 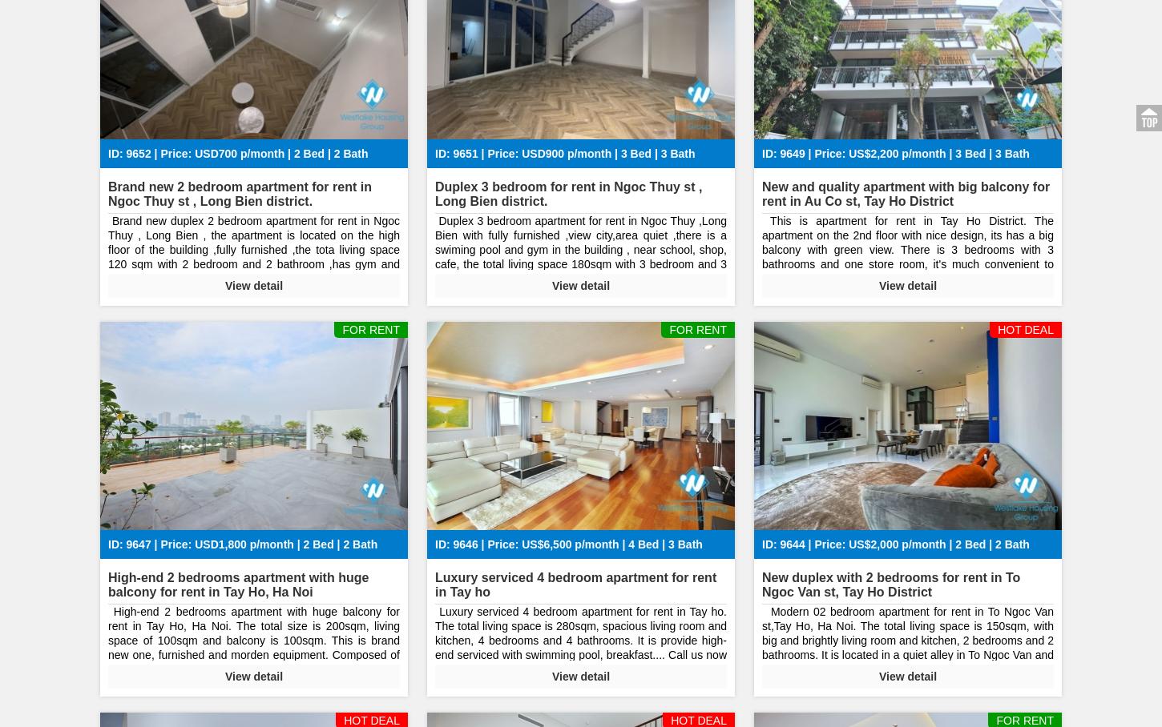 What do you see at coordinates (907, 647) in the screenshot?
I see `'Modern 02 bedroom apartment for rent in To Ngoc Van st,Tay Ho, Ha Noi. The total living space is 150sqm, with big and brightly living room and kitchen, 2 bedrooms and 2 bathrooms. It is located in a quiet alley in To Ngoc Van and very convenient walking to the shops, restaurant and westlake!
Call us now for more information.'` at bounding box center [907, 647].